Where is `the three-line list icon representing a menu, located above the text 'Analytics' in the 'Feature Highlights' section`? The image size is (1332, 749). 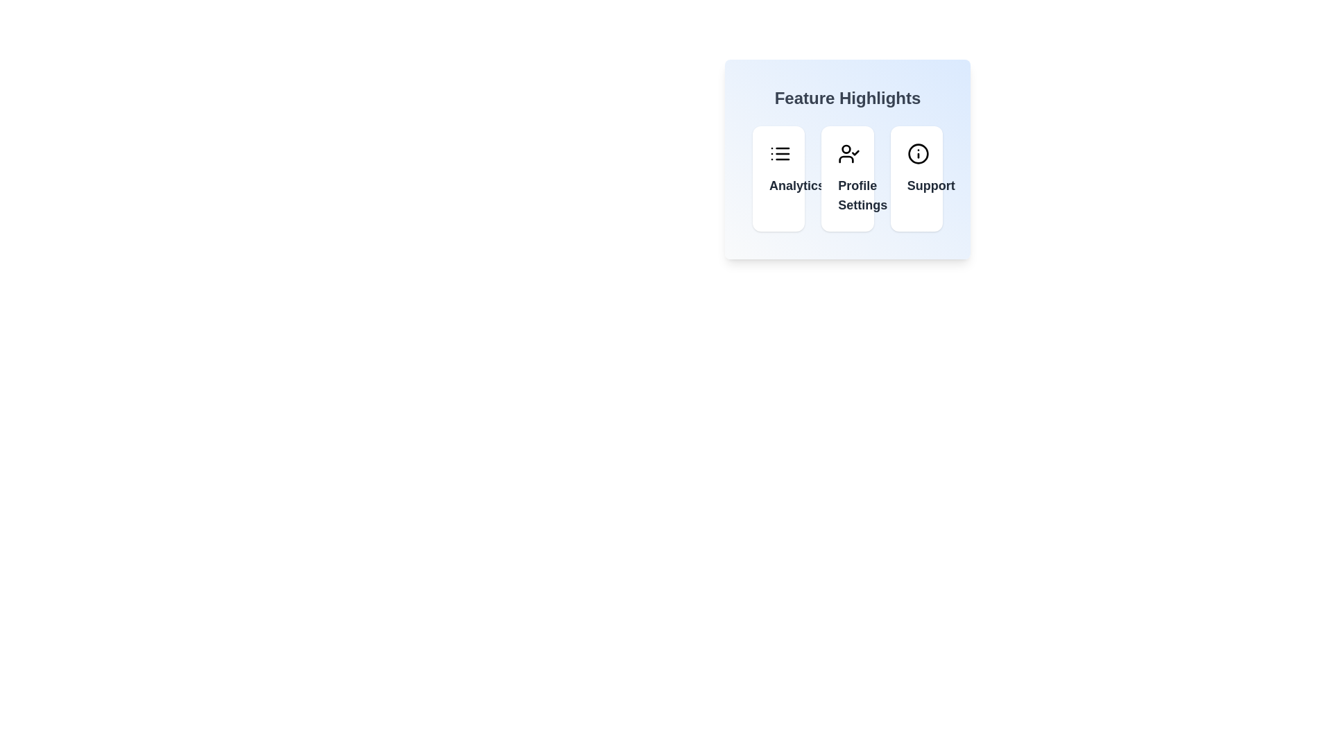
the three-line list icon representing a menu, located above the text 'Analytics' in the 'Feature Highlights' section is located at coordinates (780, 154).